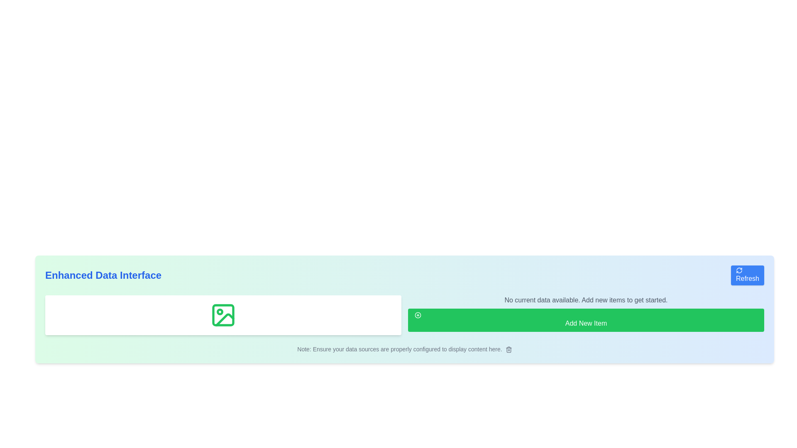 The width and height of the screenshot is (797, 448). I want to click on the refresh button located near the top-right corner of the interface, so click(747, 275).